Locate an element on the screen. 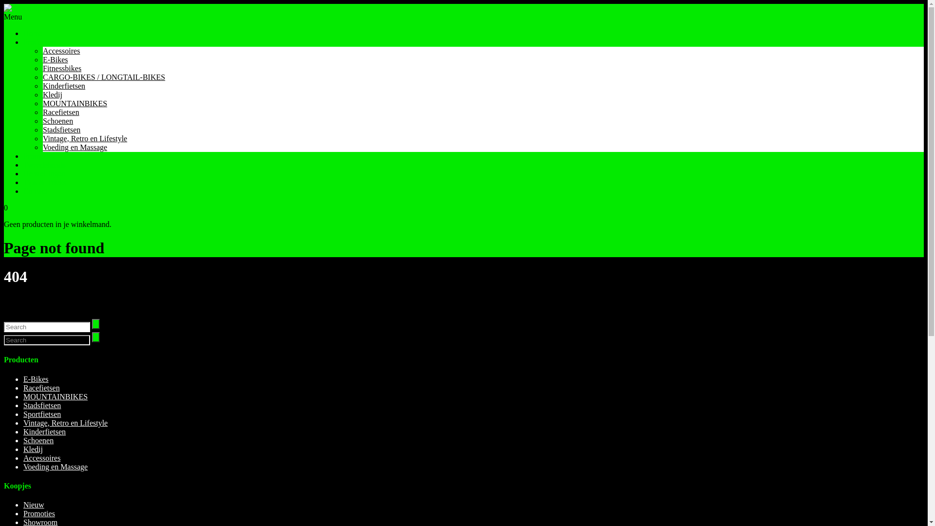 The height and width of the screenshot is (526, 935). 'Schoenen' is located at coordinates (57, 120).